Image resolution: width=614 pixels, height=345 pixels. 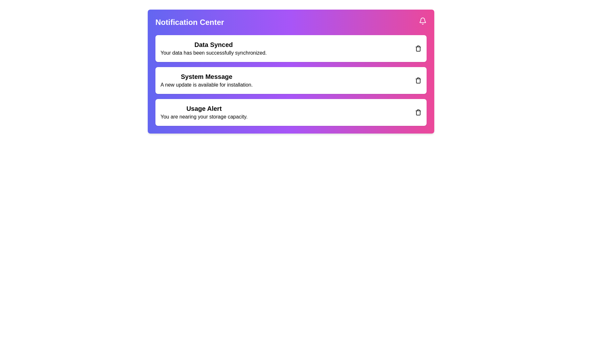 I want to click on the trash can icon, which signifies a delete action for the 'System Message' notification in the notification interface, so click(x=418, y=80).